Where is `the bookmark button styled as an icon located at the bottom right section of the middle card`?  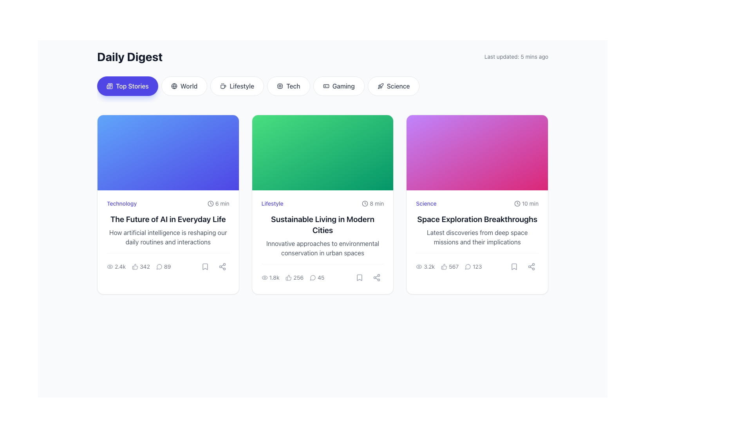
the bookmark button styled as an icon located at the bottom right section of the middle card is located at coordinates (359, 277).